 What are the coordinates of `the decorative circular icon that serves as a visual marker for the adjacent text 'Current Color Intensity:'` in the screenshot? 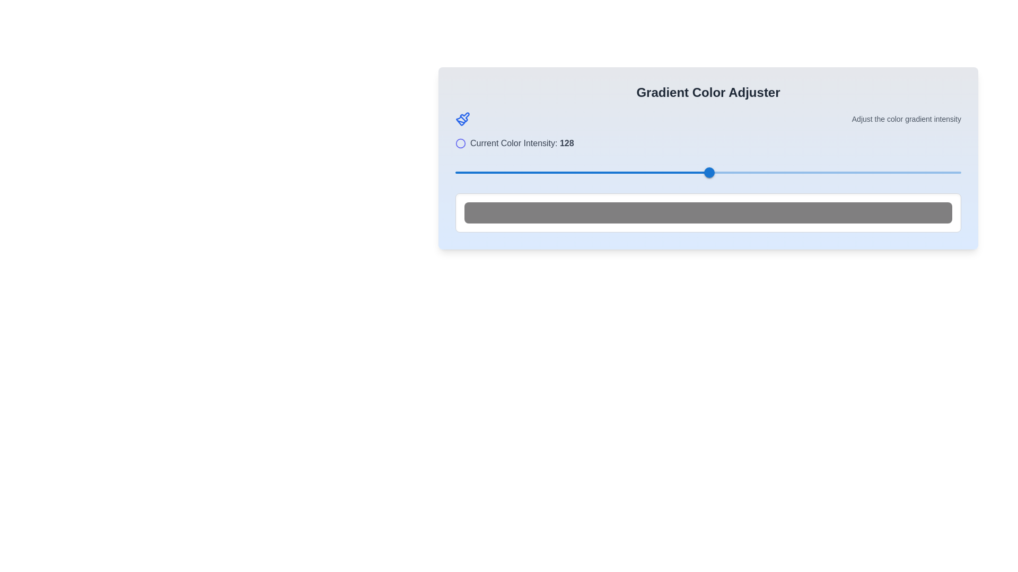 It's located at (460, 143).